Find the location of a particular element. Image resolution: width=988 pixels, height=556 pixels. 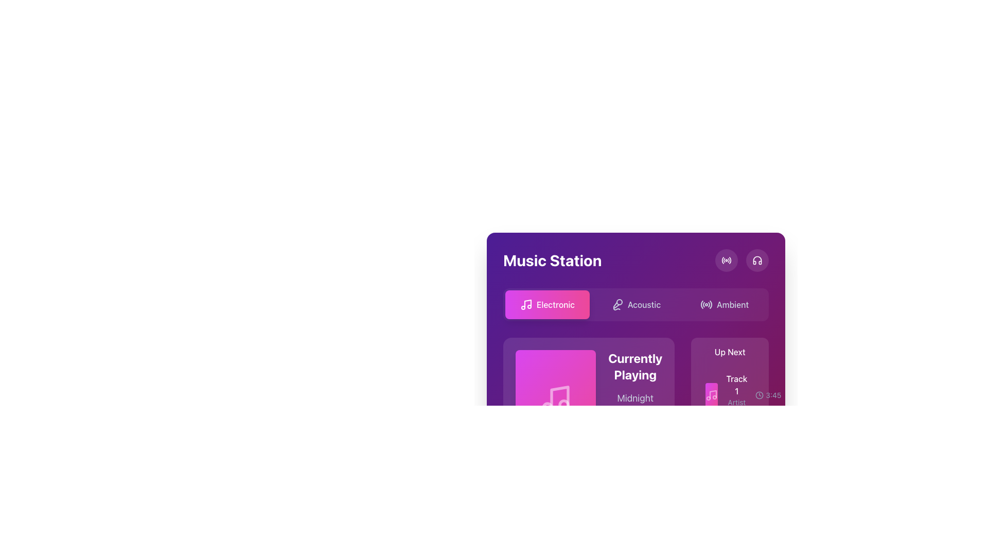

the decorative Vector Graphic Segment within the 24x24 SVG circle-like icon, which symbolizes activity or connection, located slightly towards the left edge is located at coordinates (722, 259).